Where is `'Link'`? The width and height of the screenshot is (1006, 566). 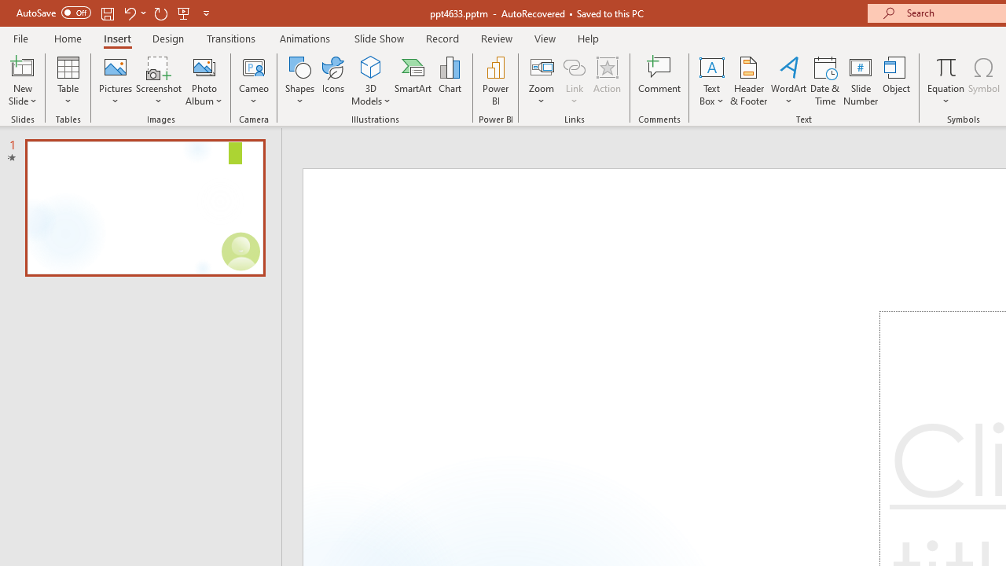
'Link' is located at coordinates (574, 81).